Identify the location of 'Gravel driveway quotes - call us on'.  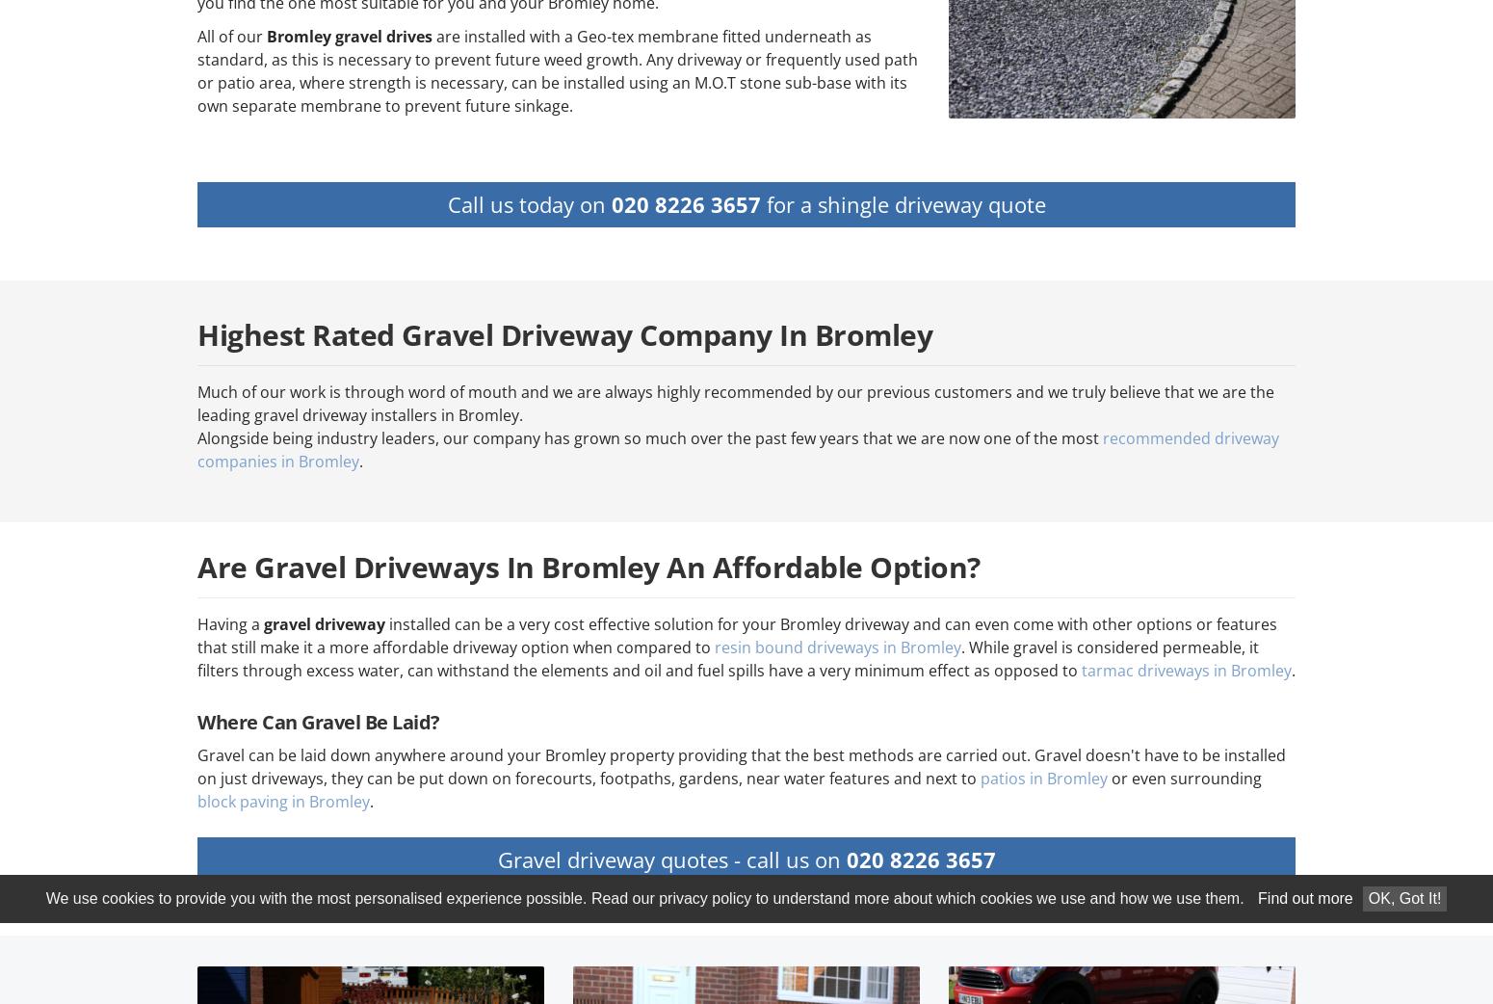
(670, 858).